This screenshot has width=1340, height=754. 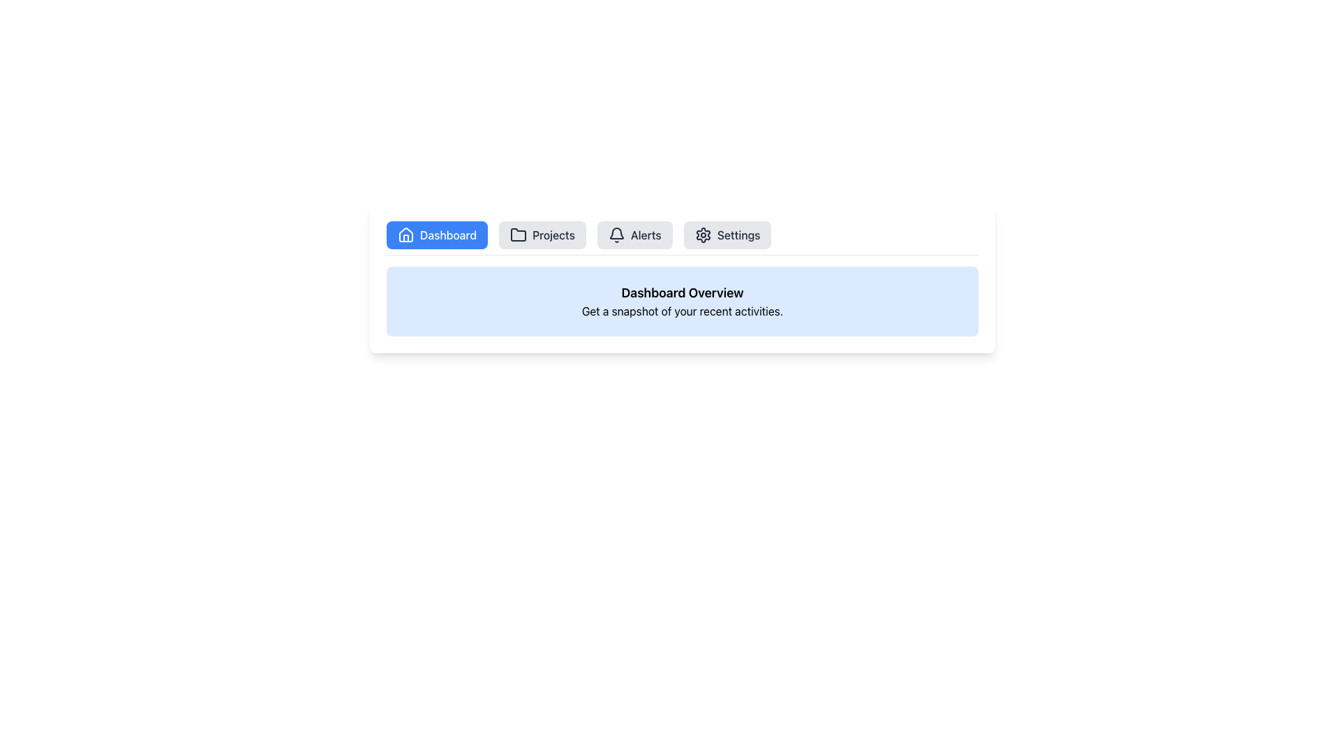 What do you see at coordinates (405, 233) in the screenshot?
I see `the house icon that represents the 'Dashboard' section located on the leftmost side of the horizontal navigation bar` at bounding box center [405, 233].